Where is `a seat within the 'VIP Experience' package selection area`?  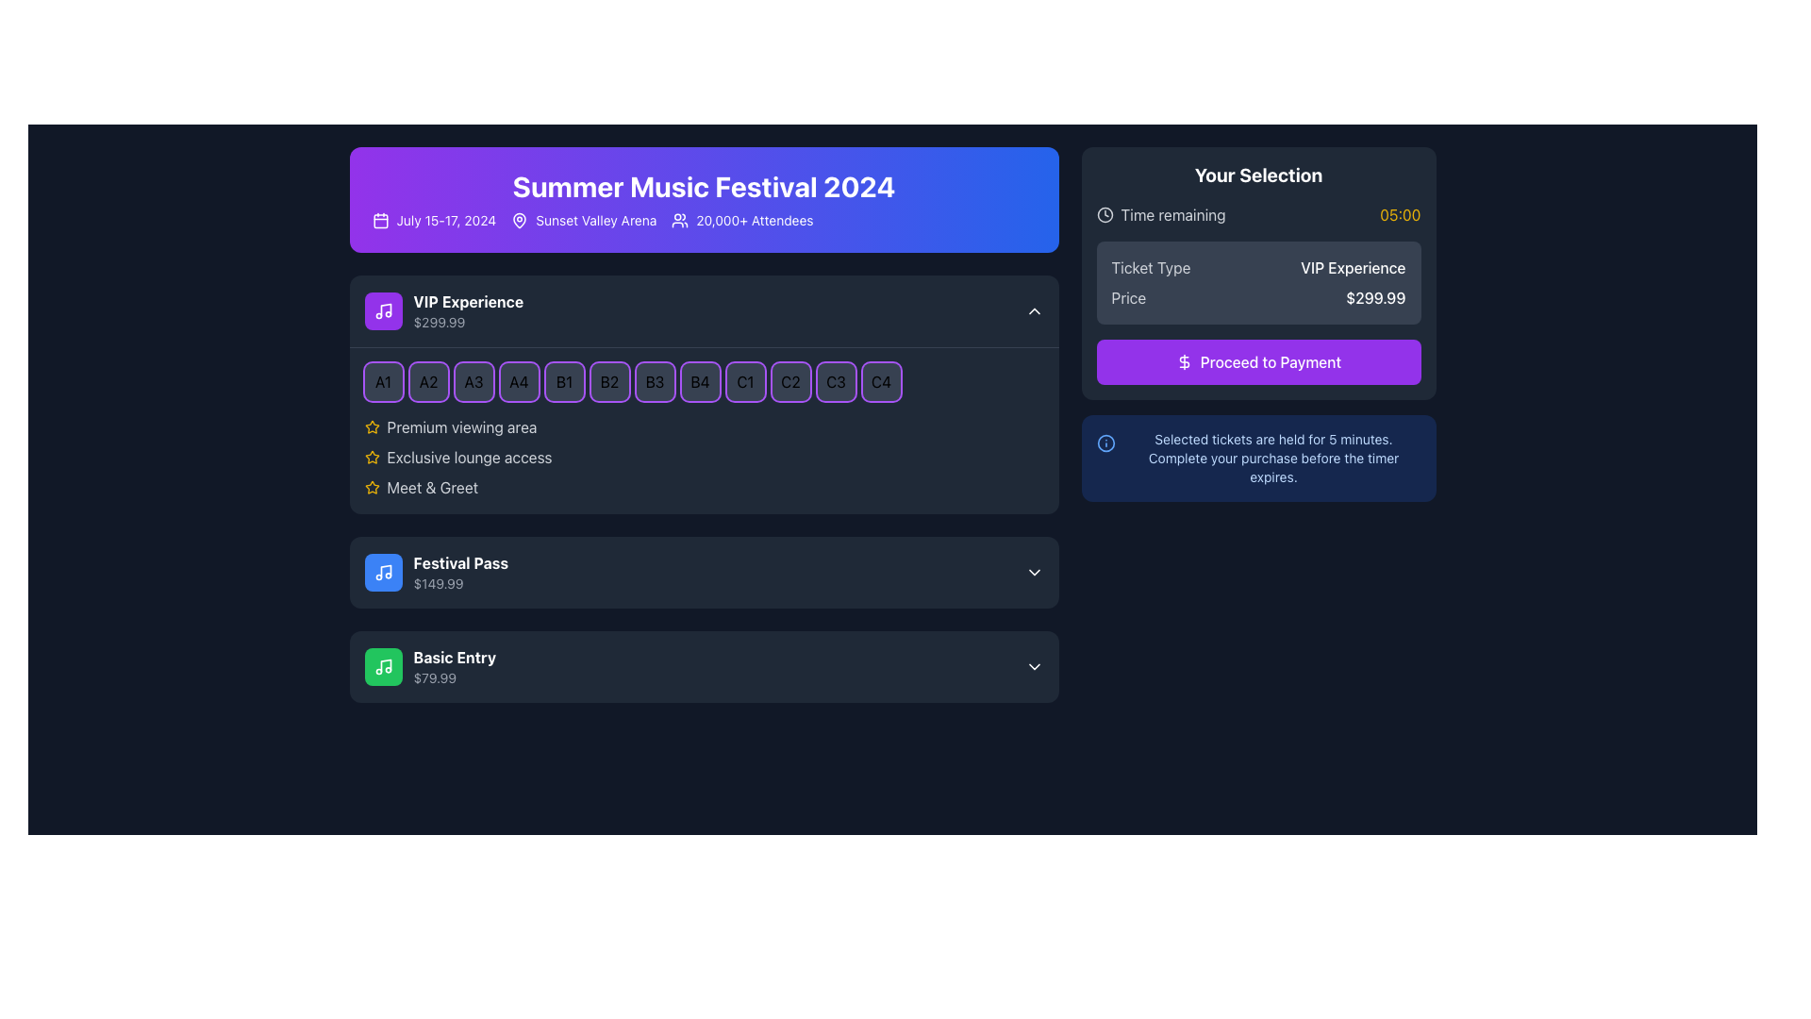
a seat within the 'VIP Experience' package selection area is located at coordinates (703, 393).